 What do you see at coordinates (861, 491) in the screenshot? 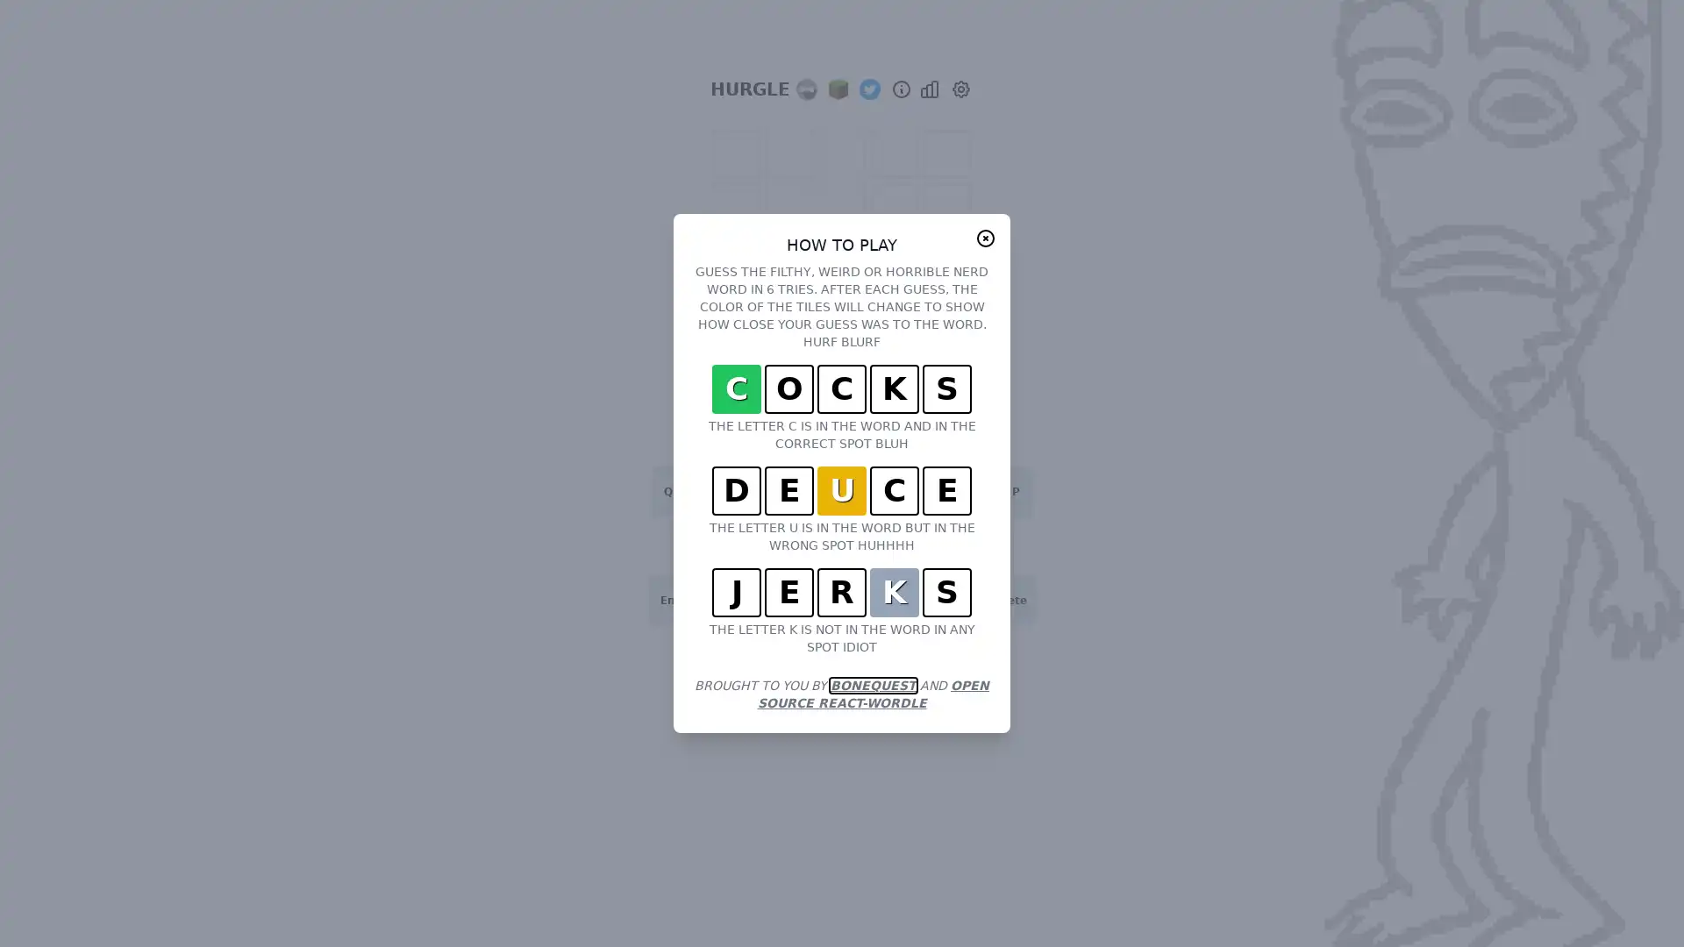
I see `Y` at bounding box center [861, 491].